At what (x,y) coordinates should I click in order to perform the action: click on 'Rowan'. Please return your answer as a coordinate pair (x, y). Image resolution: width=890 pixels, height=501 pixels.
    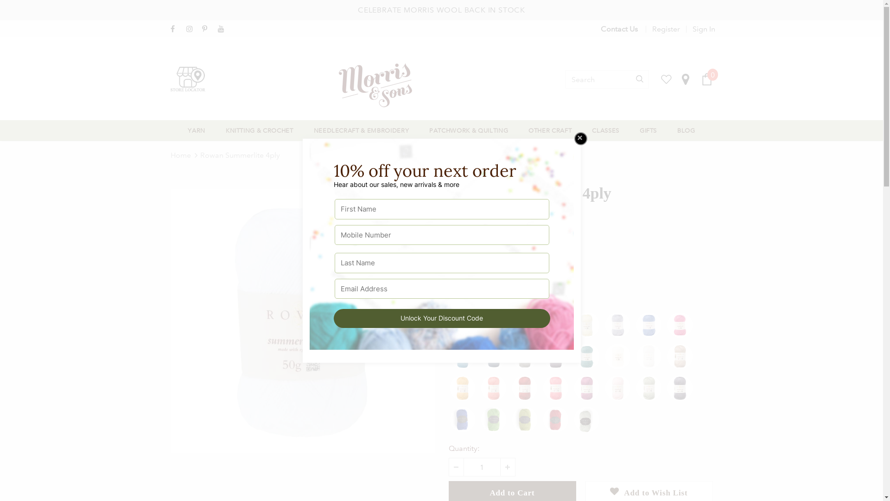
    Looking at the image, I should click on (507, 215).